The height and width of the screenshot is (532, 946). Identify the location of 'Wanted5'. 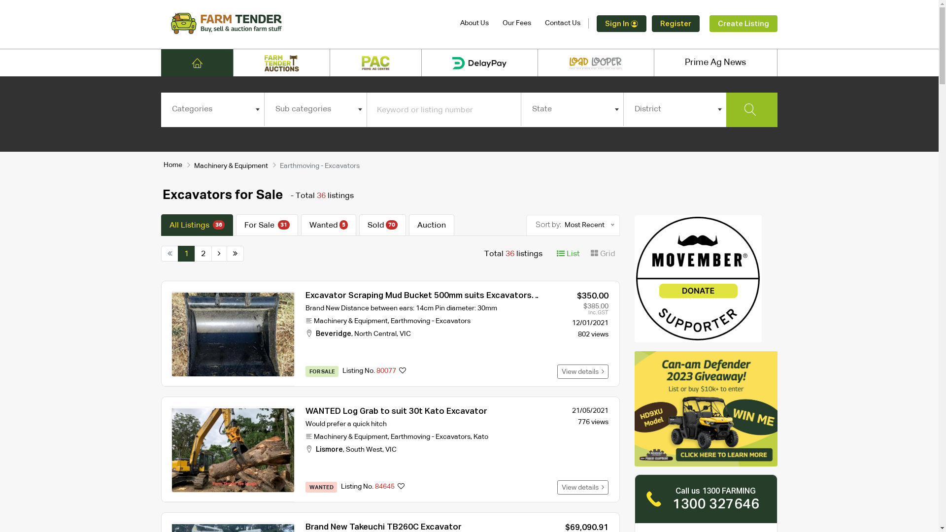
(300, 225).